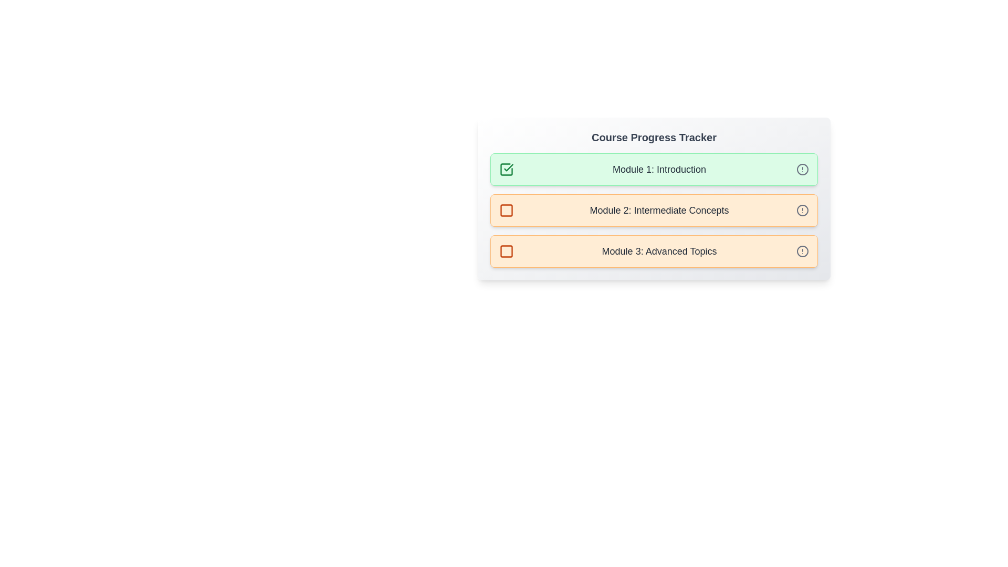 Image resolution: width=1008 pixels, height=567 pixels. I want to click on the informational icon for module 2, so click(802, 211).